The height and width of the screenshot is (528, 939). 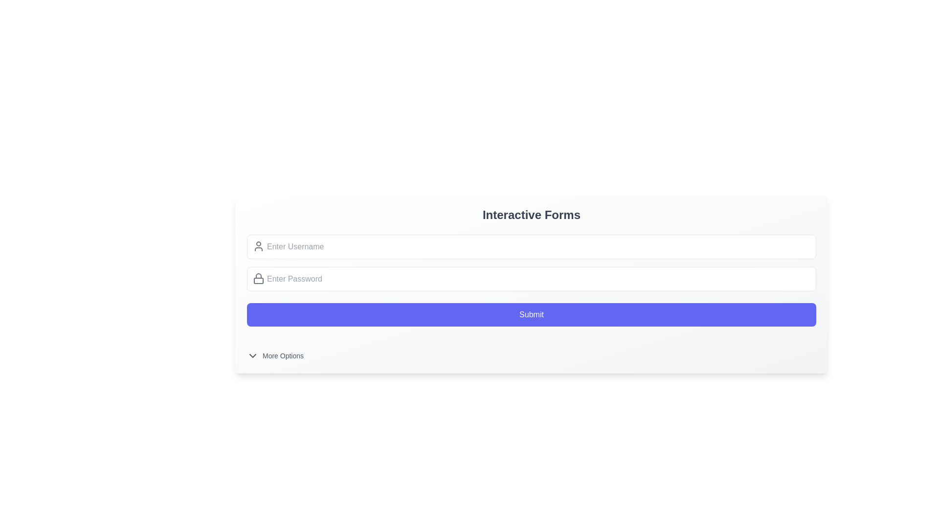 What do you see at coordinates (253, 356) in the screenshot?
I see `the downward-pointing caret icon located to the left of the text 'More Options'` at bounding box center [253, 356].